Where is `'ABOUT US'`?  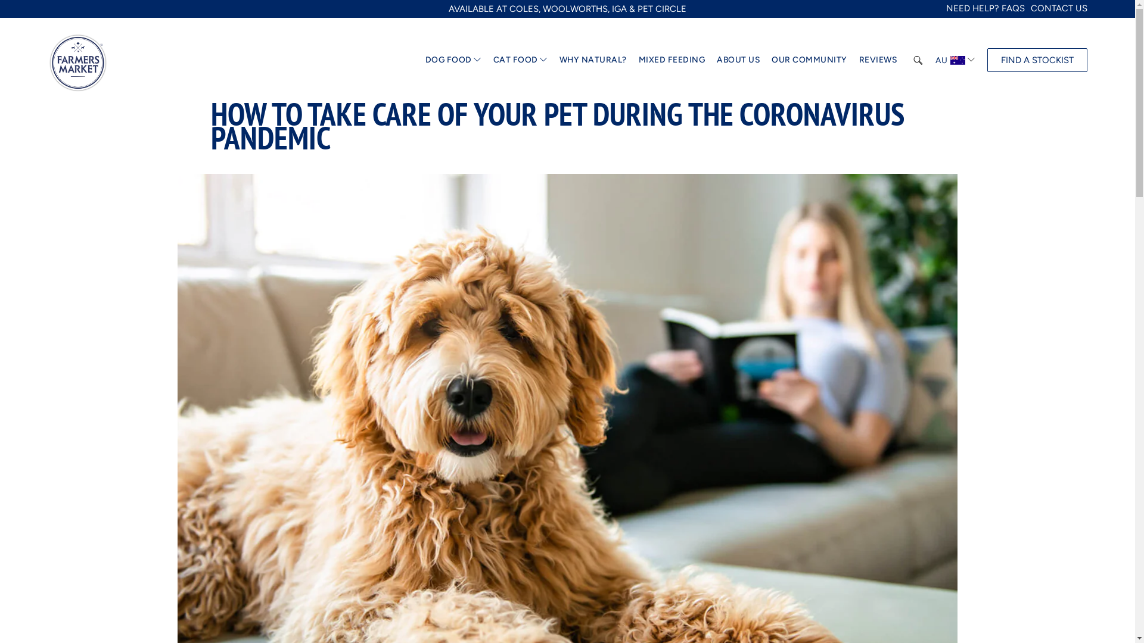
'ABOUT US' is located at coordinates (737, 60).